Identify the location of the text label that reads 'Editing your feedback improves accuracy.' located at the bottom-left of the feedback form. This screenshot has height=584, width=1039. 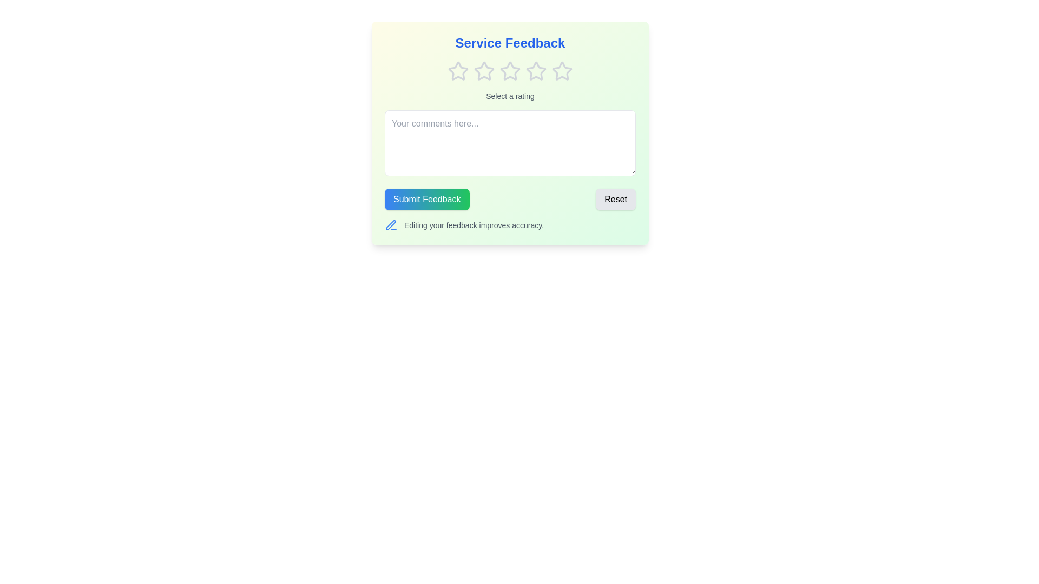
(474, 224).